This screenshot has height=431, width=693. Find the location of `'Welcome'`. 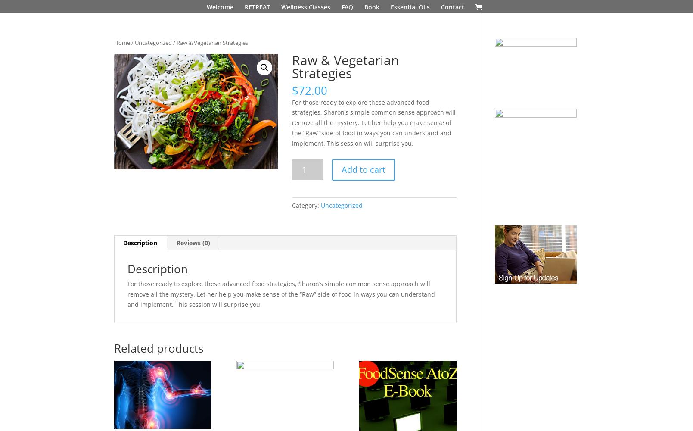

'Welcome' is located at coordinates (206, 7).